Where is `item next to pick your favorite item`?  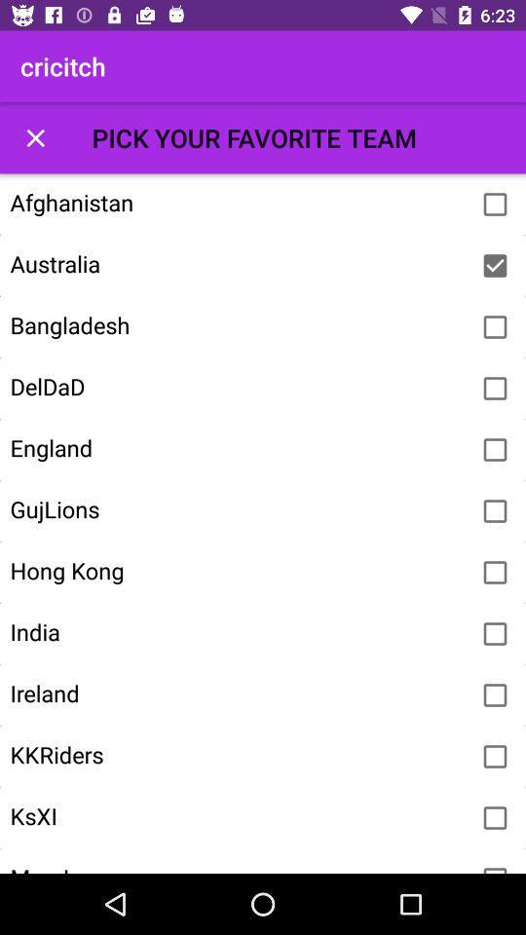
item next to pick your favorite item is located at coordinates (35, 136).